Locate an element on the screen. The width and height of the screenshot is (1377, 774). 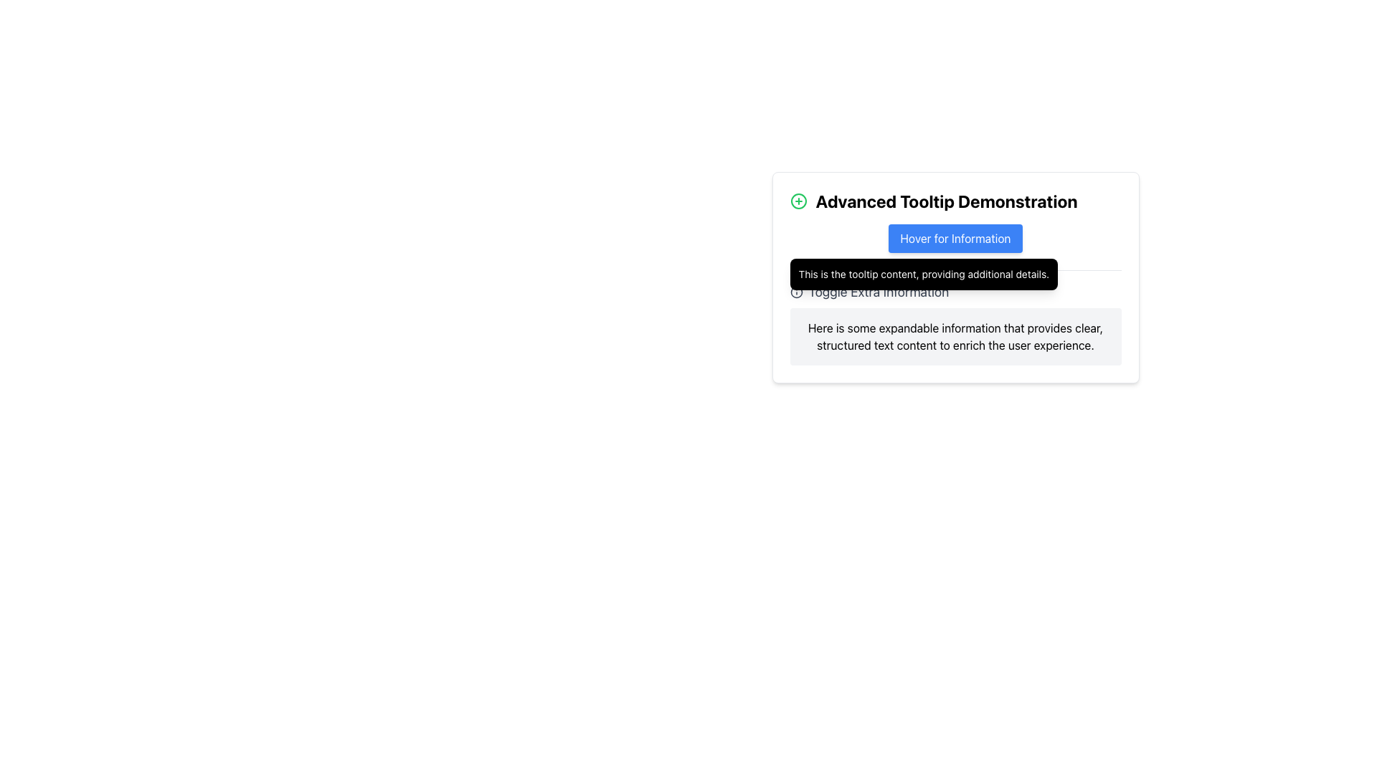
the button positioned under the title 'Advanced Tooltip Demonstration' is located at coordinates (955, 237).